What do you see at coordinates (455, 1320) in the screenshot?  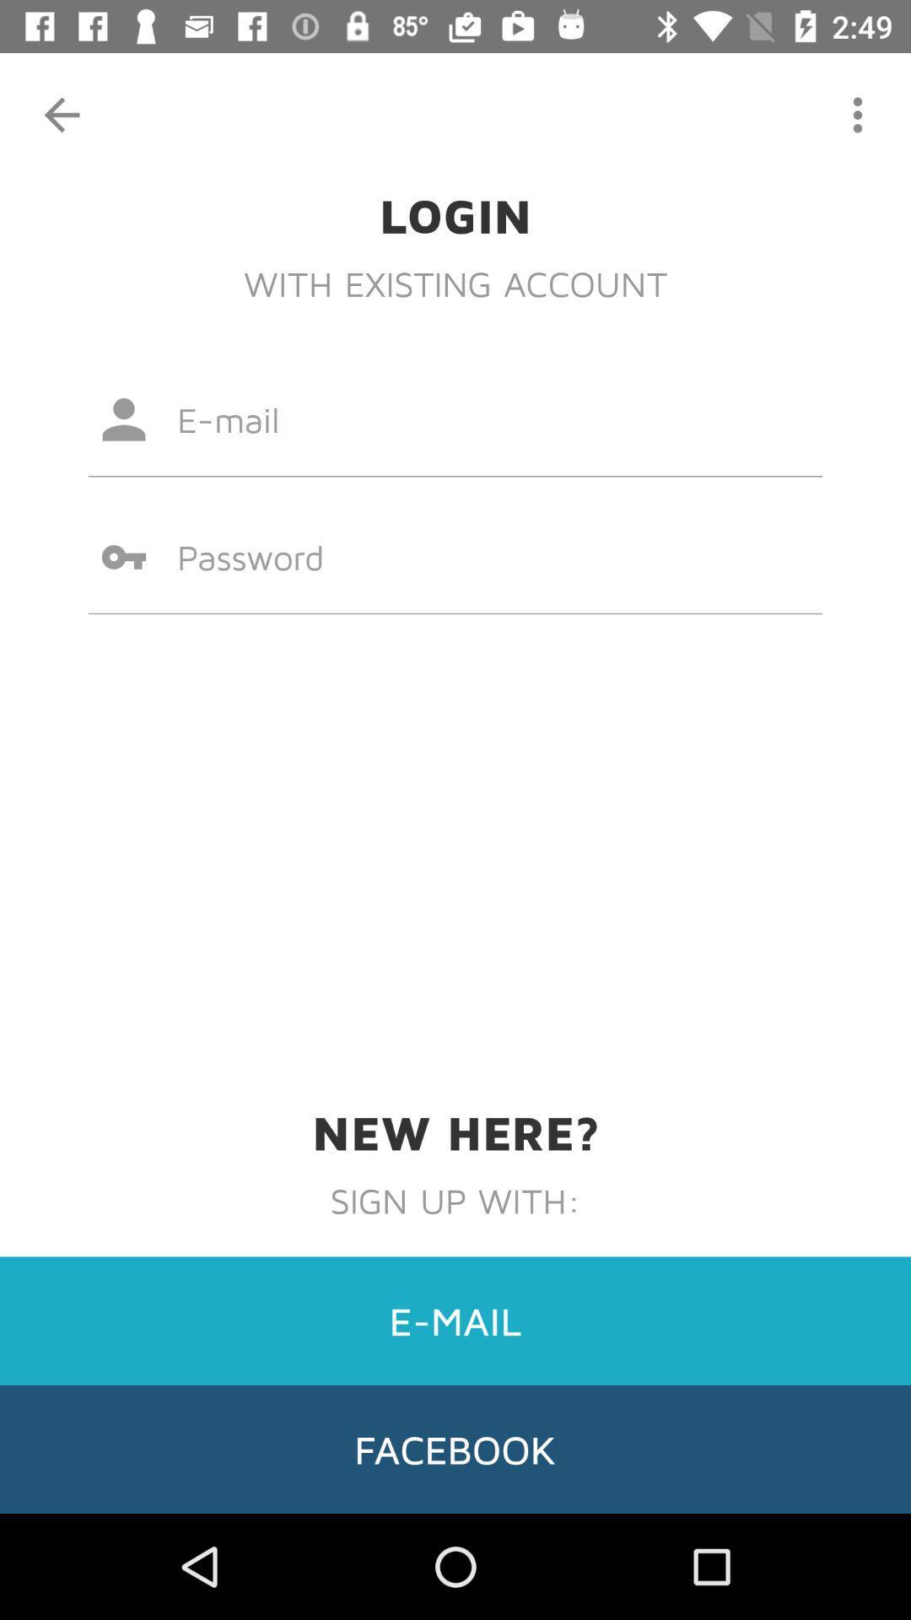 I see `item below sign up with:` at bounding box center [455, 1320].